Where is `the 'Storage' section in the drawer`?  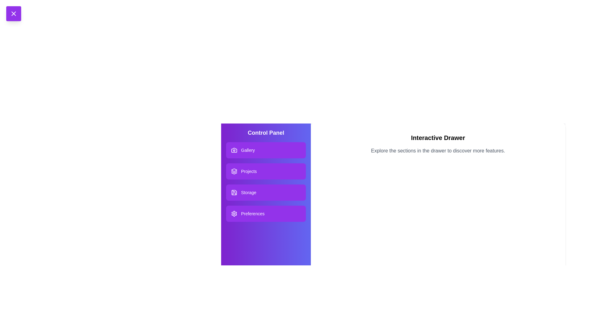 the 'Storage' section in the drawer is located at coordinates (266, 192).